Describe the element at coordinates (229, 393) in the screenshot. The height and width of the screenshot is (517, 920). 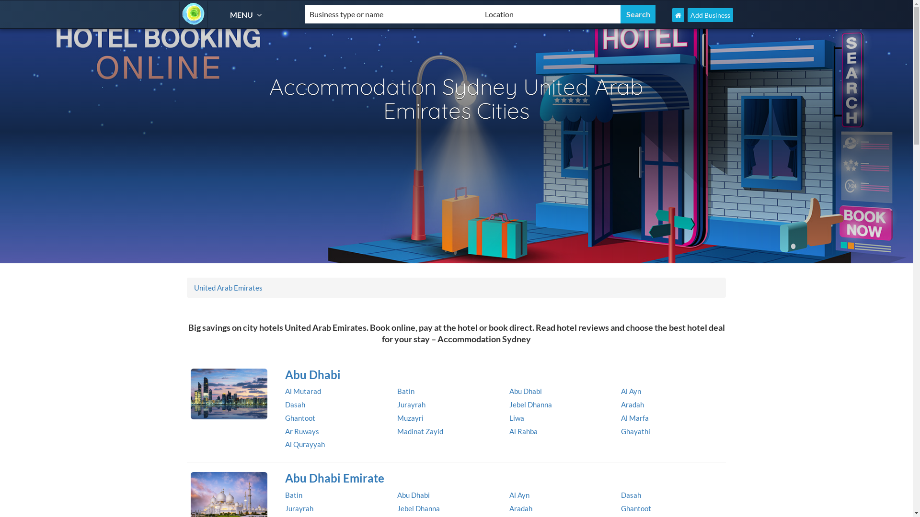
I see `'Abu Dhabi'` at that location.